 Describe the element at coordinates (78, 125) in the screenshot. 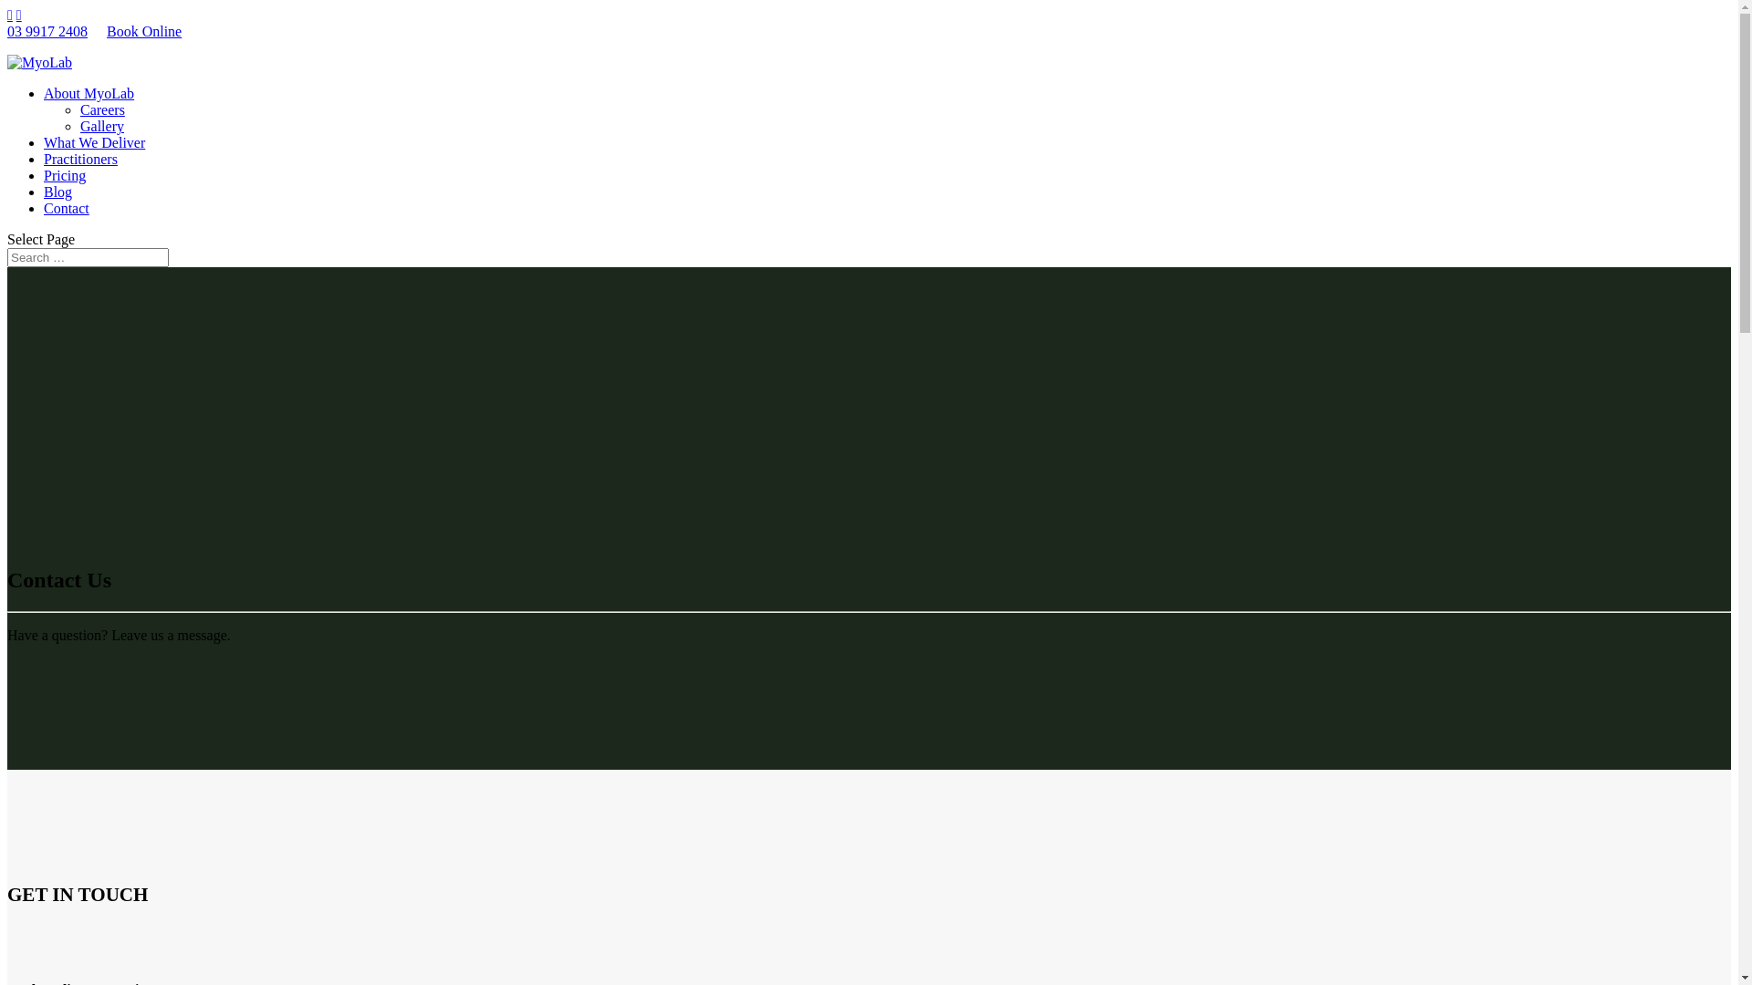

I see `'Gallery'` at that location.